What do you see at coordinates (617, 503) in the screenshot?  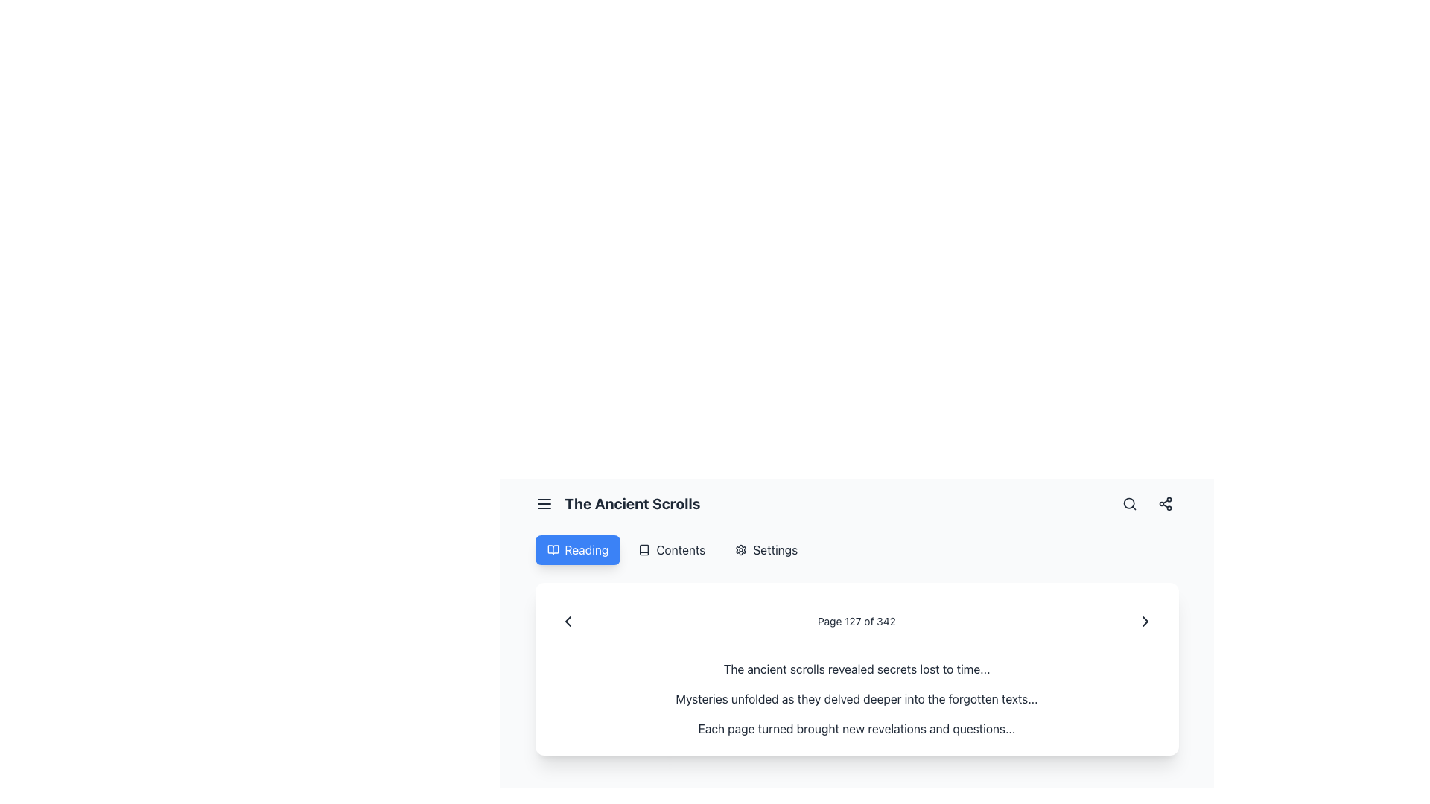 I see `text label 'The Ancient Scrolls', which is displayed in bold and larger font size, positioned immediately to the right of a menu icon with three horizontal lines` at bounding box center [617, 503].